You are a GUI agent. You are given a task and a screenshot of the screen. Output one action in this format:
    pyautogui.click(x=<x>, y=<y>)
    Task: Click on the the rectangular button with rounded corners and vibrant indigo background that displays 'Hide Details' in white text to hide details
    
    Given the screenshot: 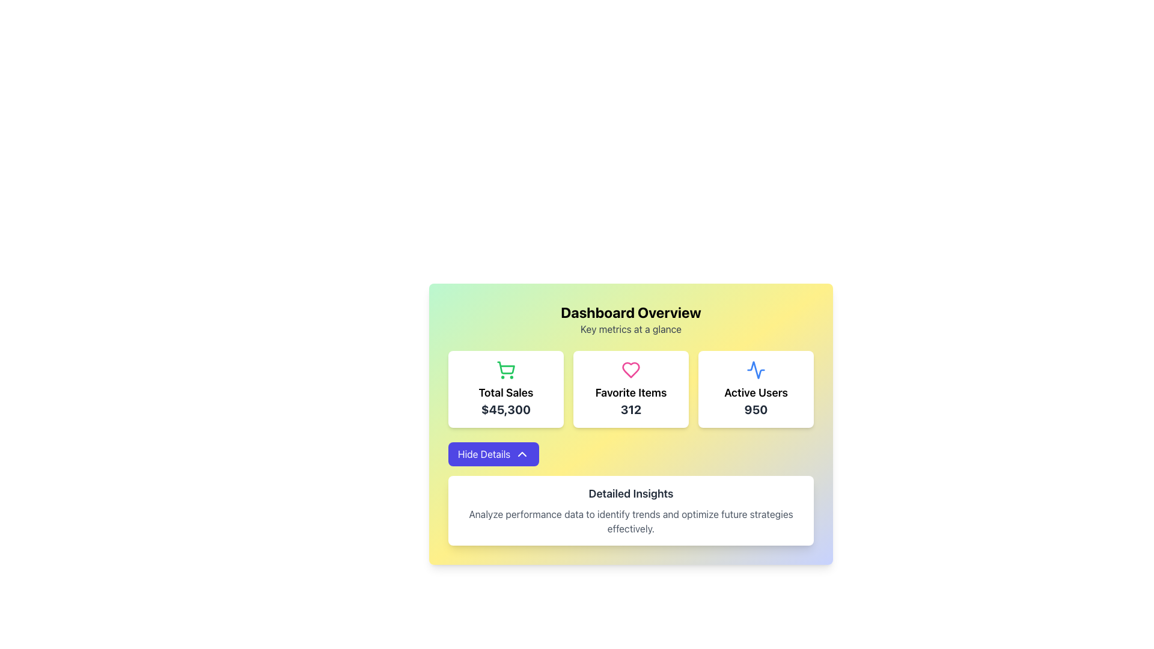 What is the action you would take?
    pyautogui.click(x=493, y=454)
    